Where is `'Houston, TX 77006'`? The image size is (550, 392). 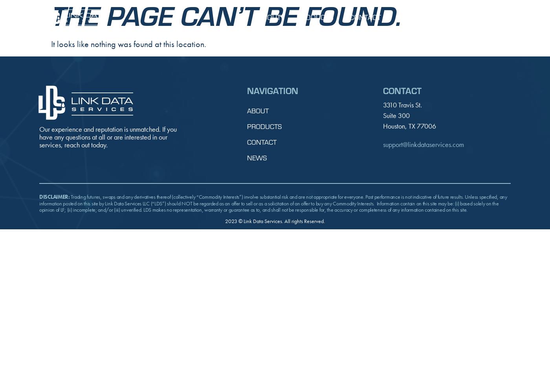
'Houston, TX 77006' is located at coordinates (409, 125).